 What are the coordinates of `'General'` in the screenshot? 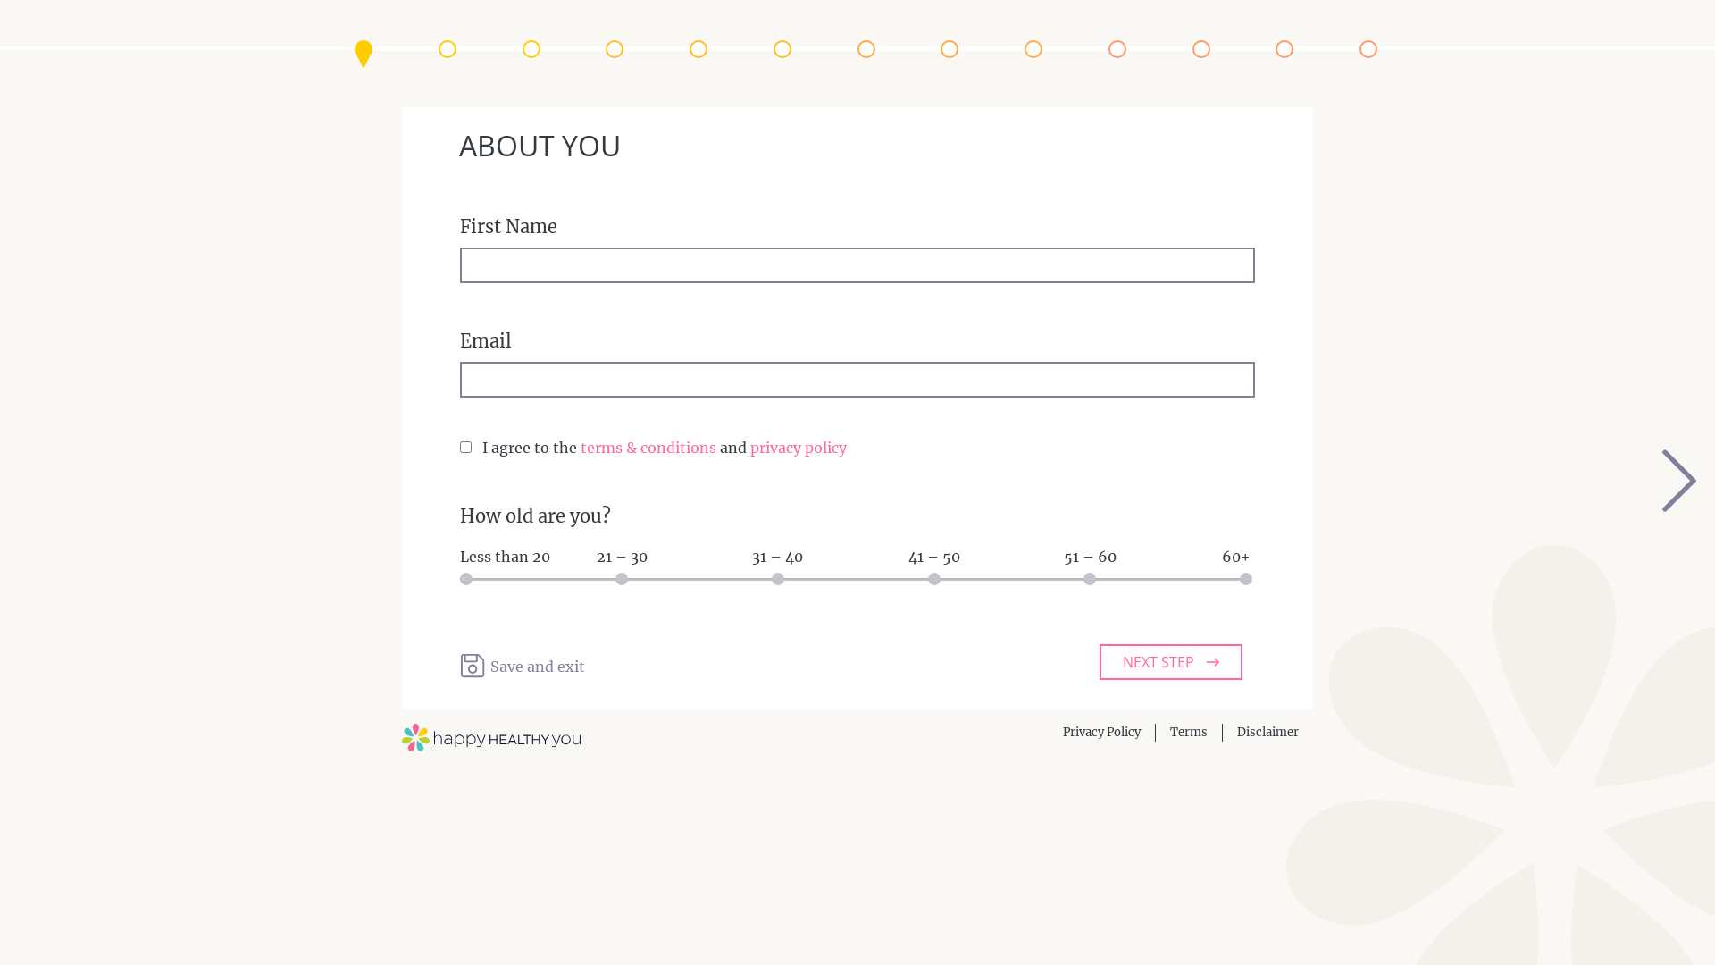 It's located at (1117, 47).